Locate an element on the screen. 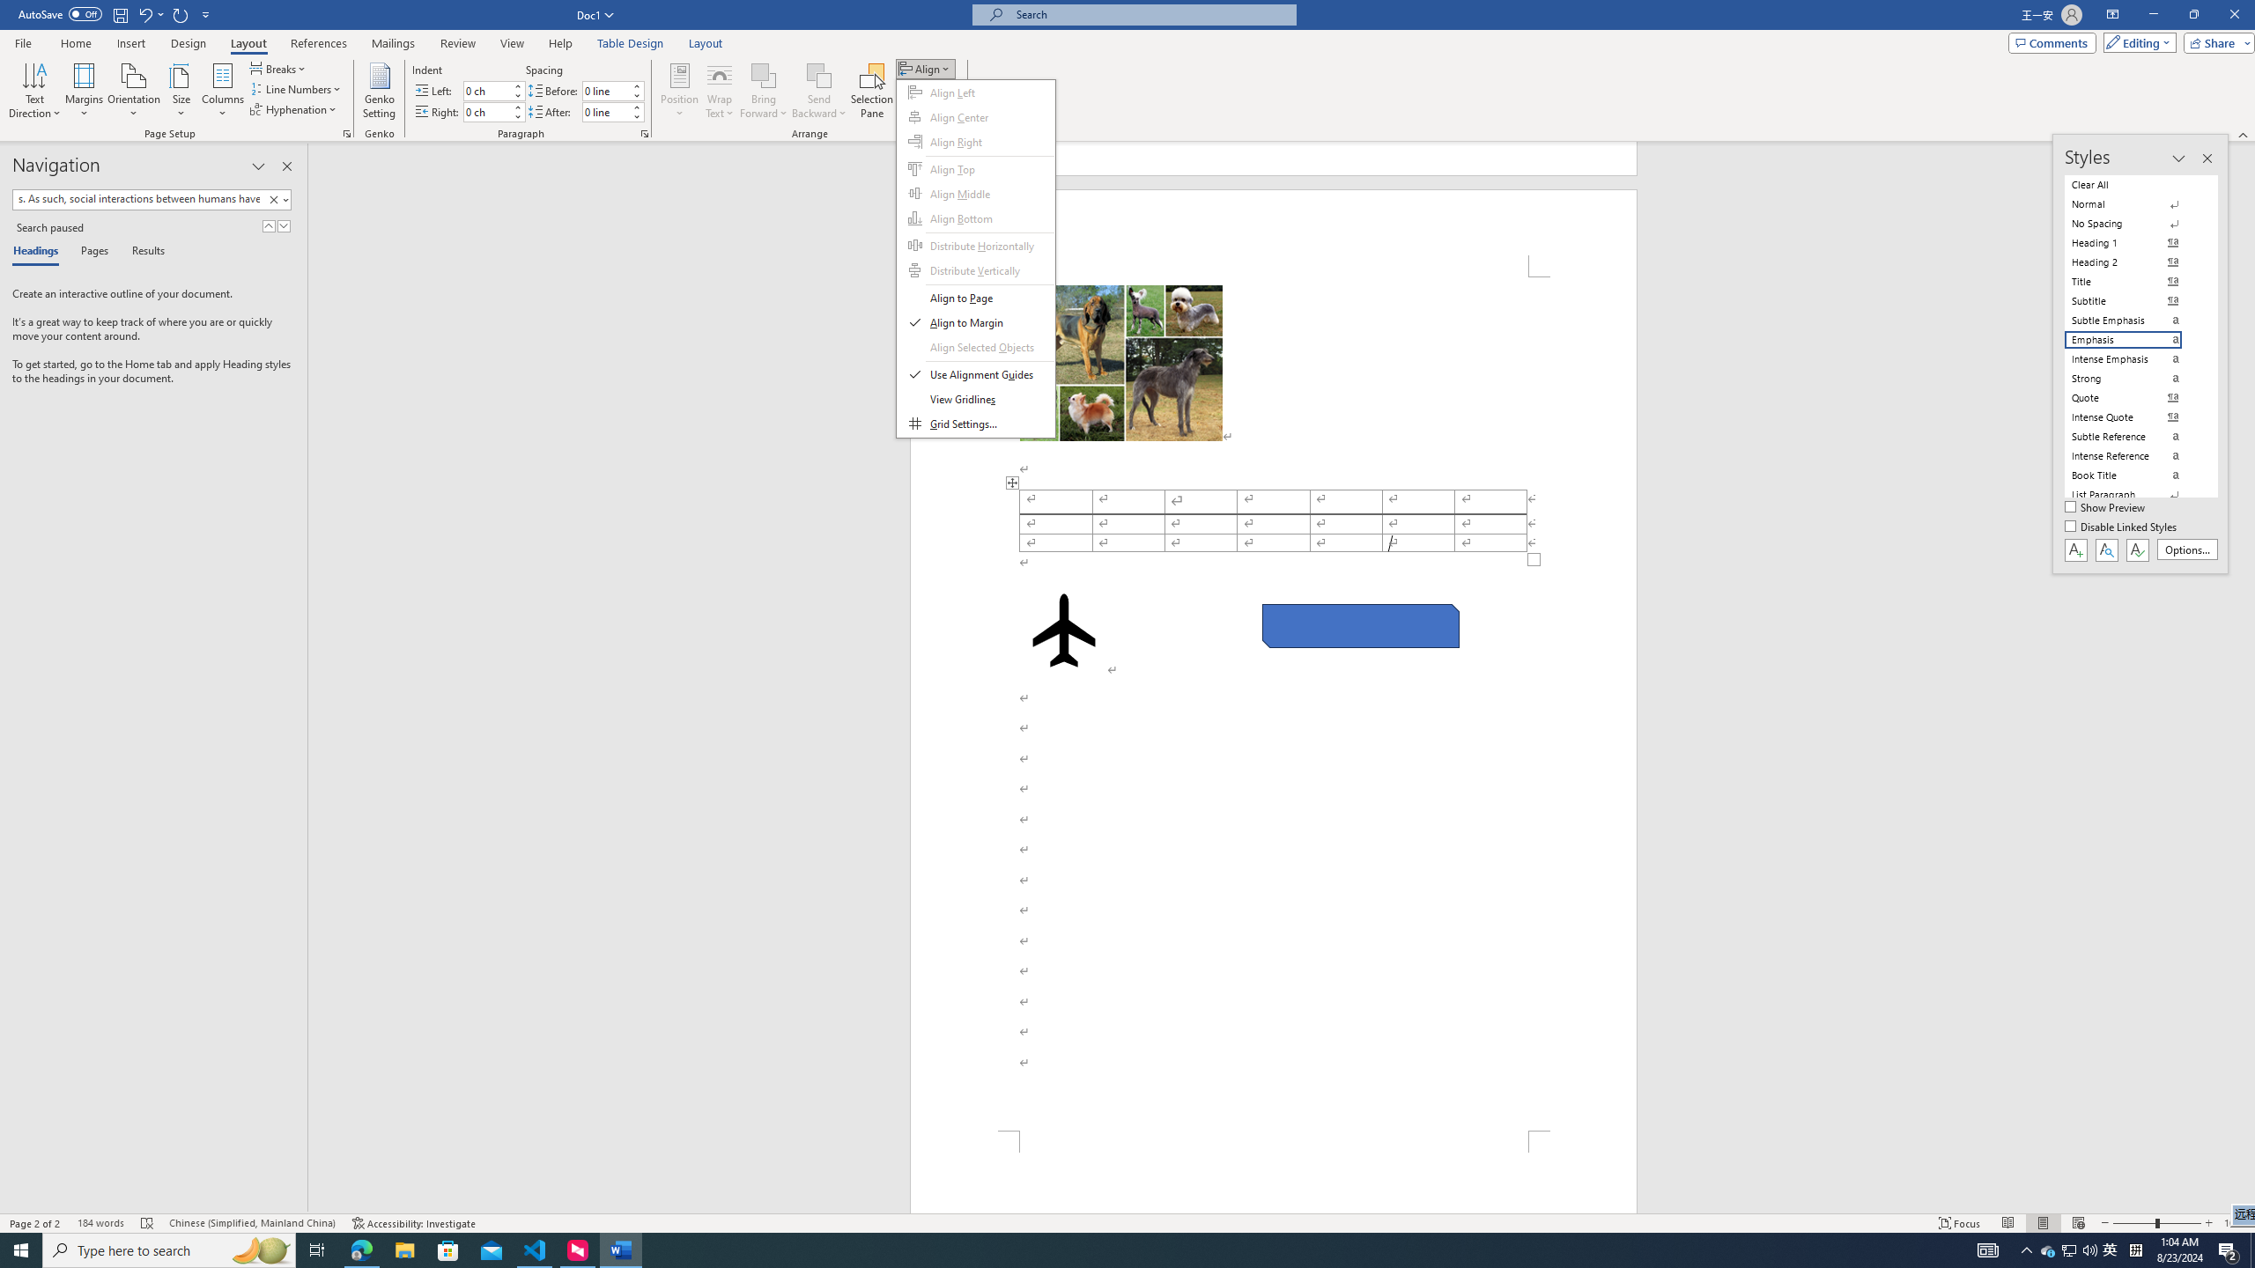 The width and height of the screenshot is (2255, 1268). 'Intense Reference' is located at coordinates (2133, 455).